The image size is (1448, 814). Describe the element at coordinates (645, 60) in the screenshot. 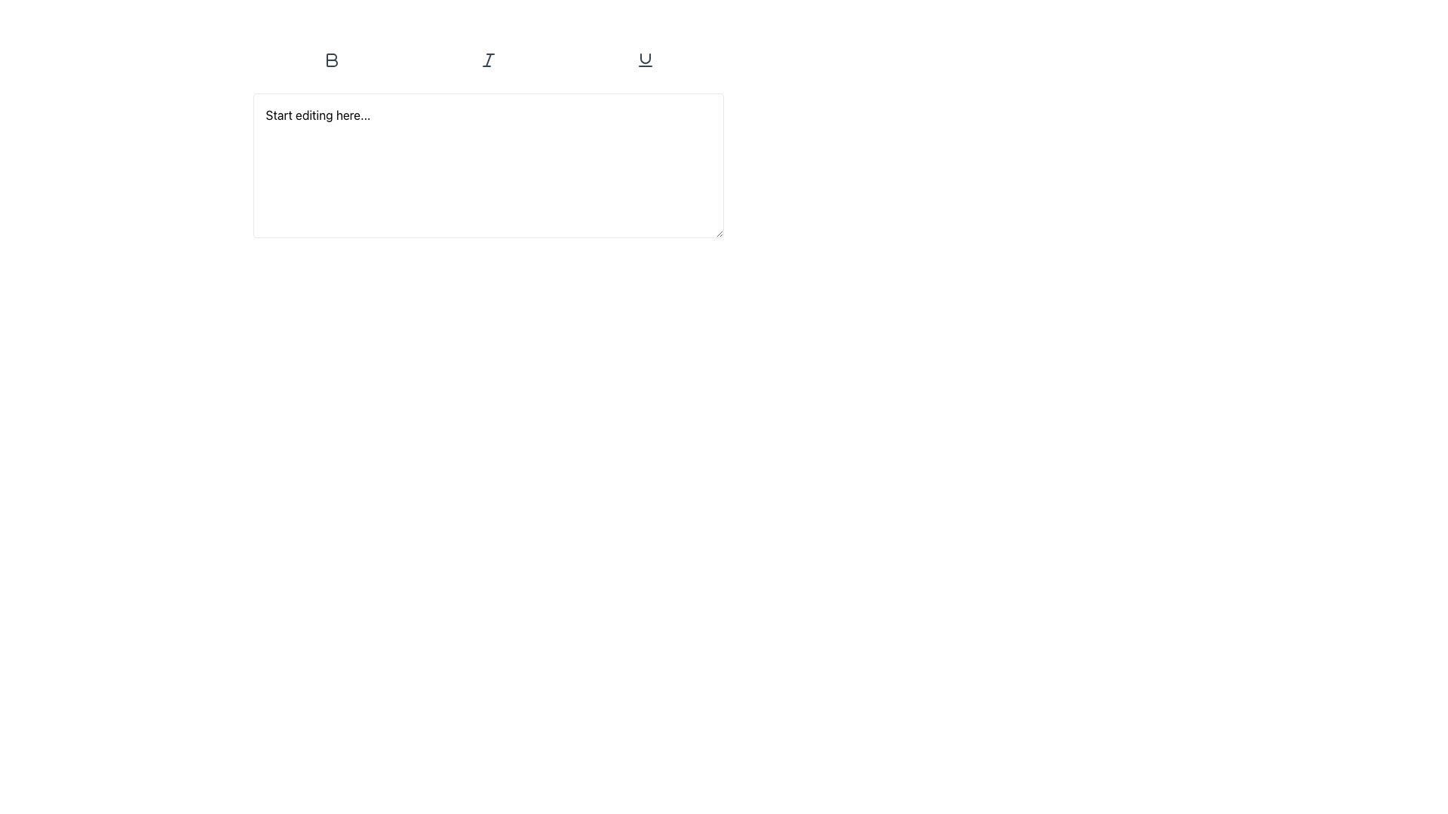

I see `the small icon styled with a rounded underline shape in the toolbar` at that location.